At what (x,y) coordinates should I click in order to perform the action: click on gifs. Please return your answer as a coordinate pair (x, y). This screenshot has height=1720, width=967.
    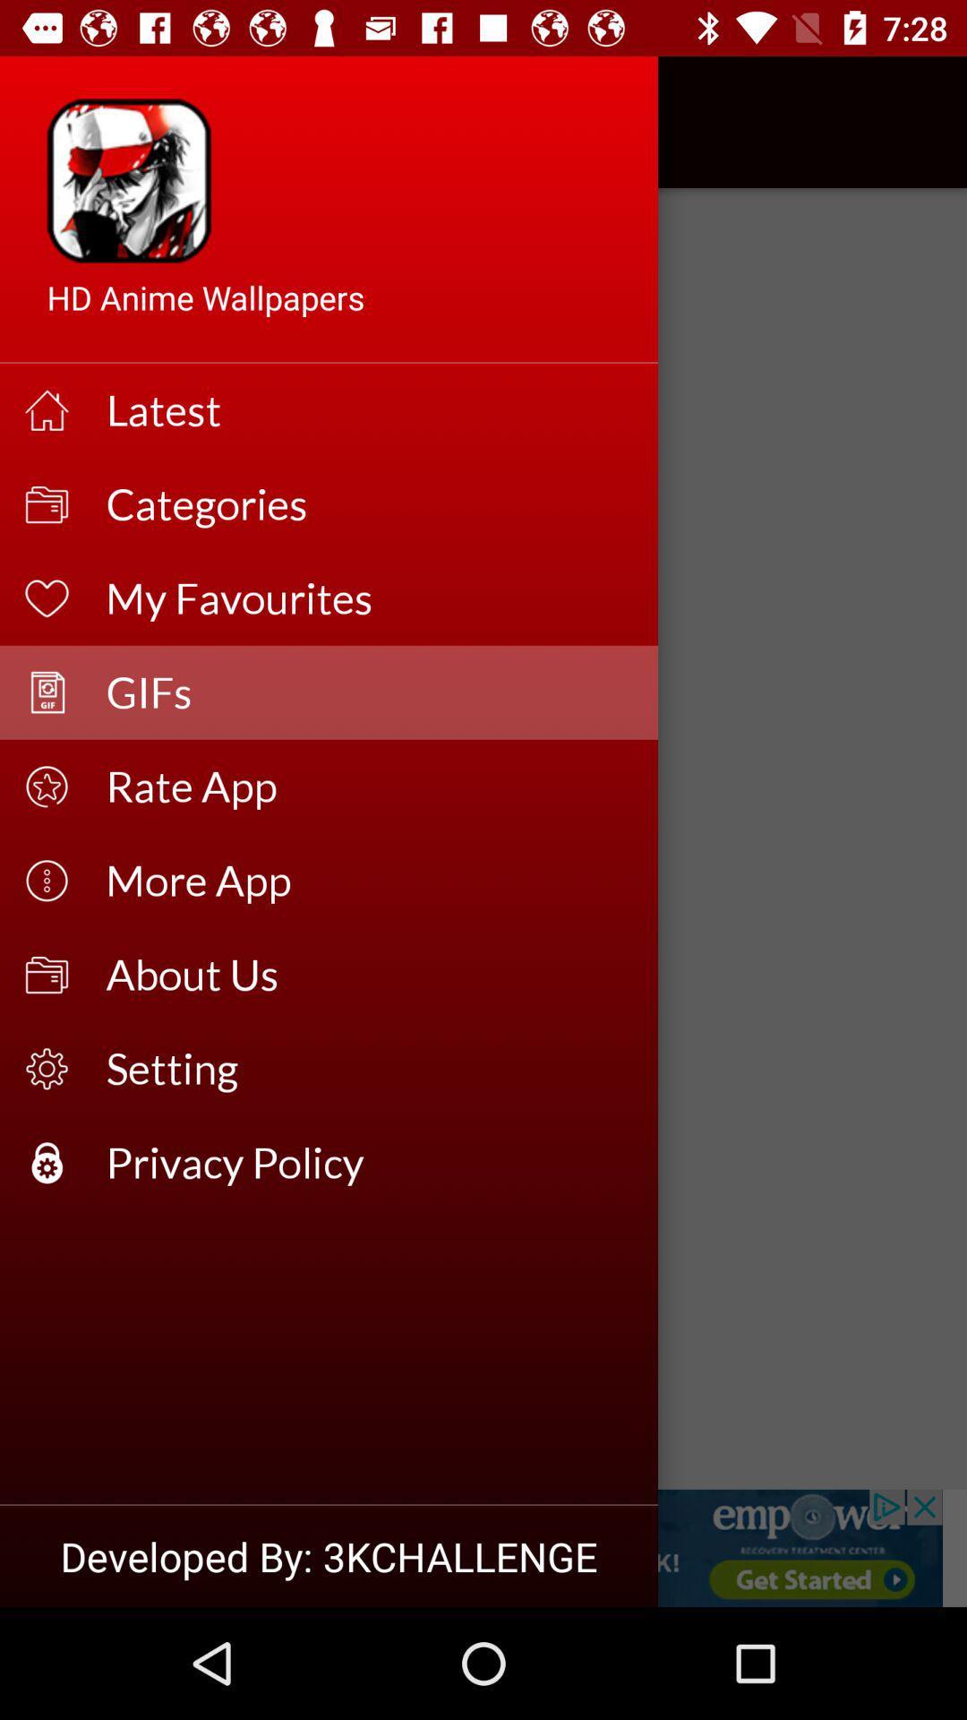
    Looking at the image, I should click on (483, 1547).